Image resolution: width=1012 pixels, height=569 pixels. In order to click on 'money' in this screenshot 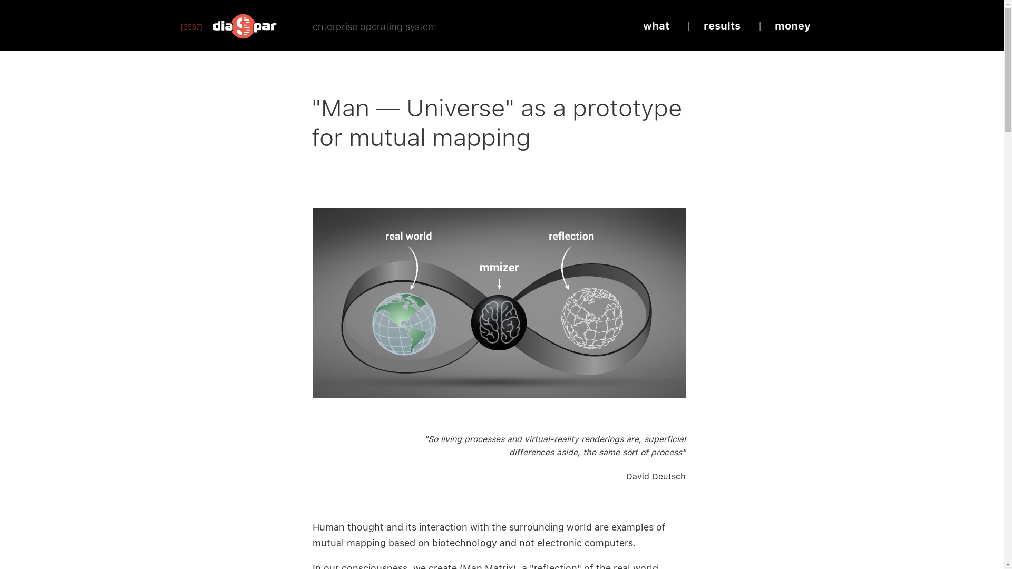, I will do `click(792, 25)`.